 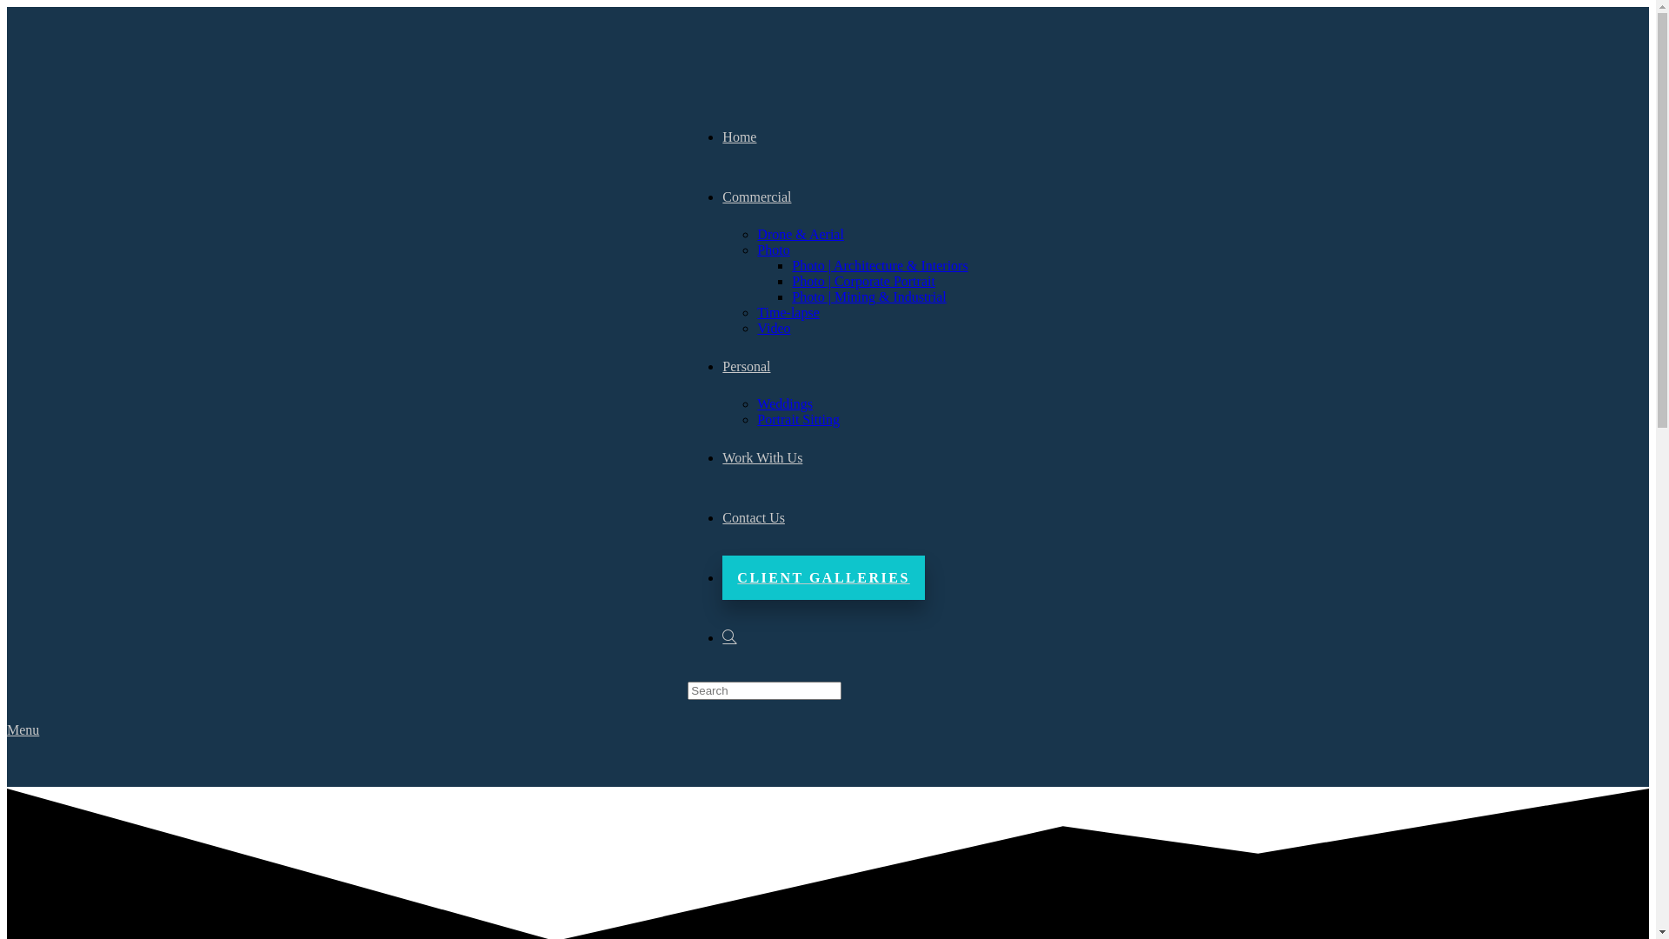 I want to click on 'Menu', so click(x=23, y=729).